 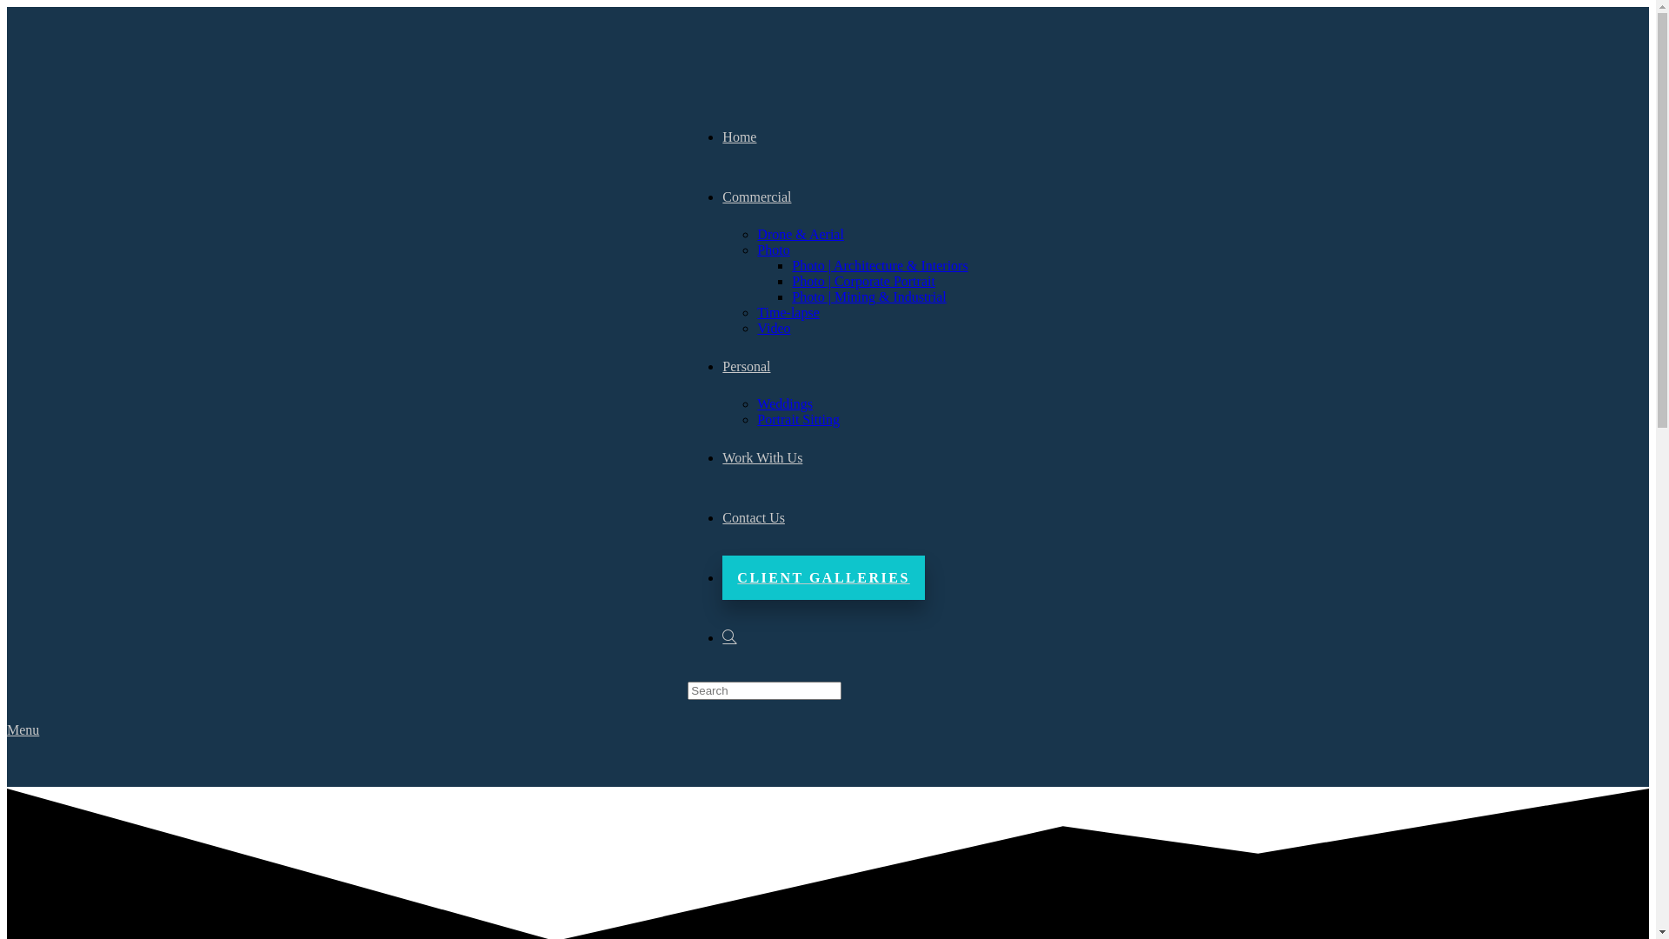 I want to click on 'Menu', so click(x=23, y=729).